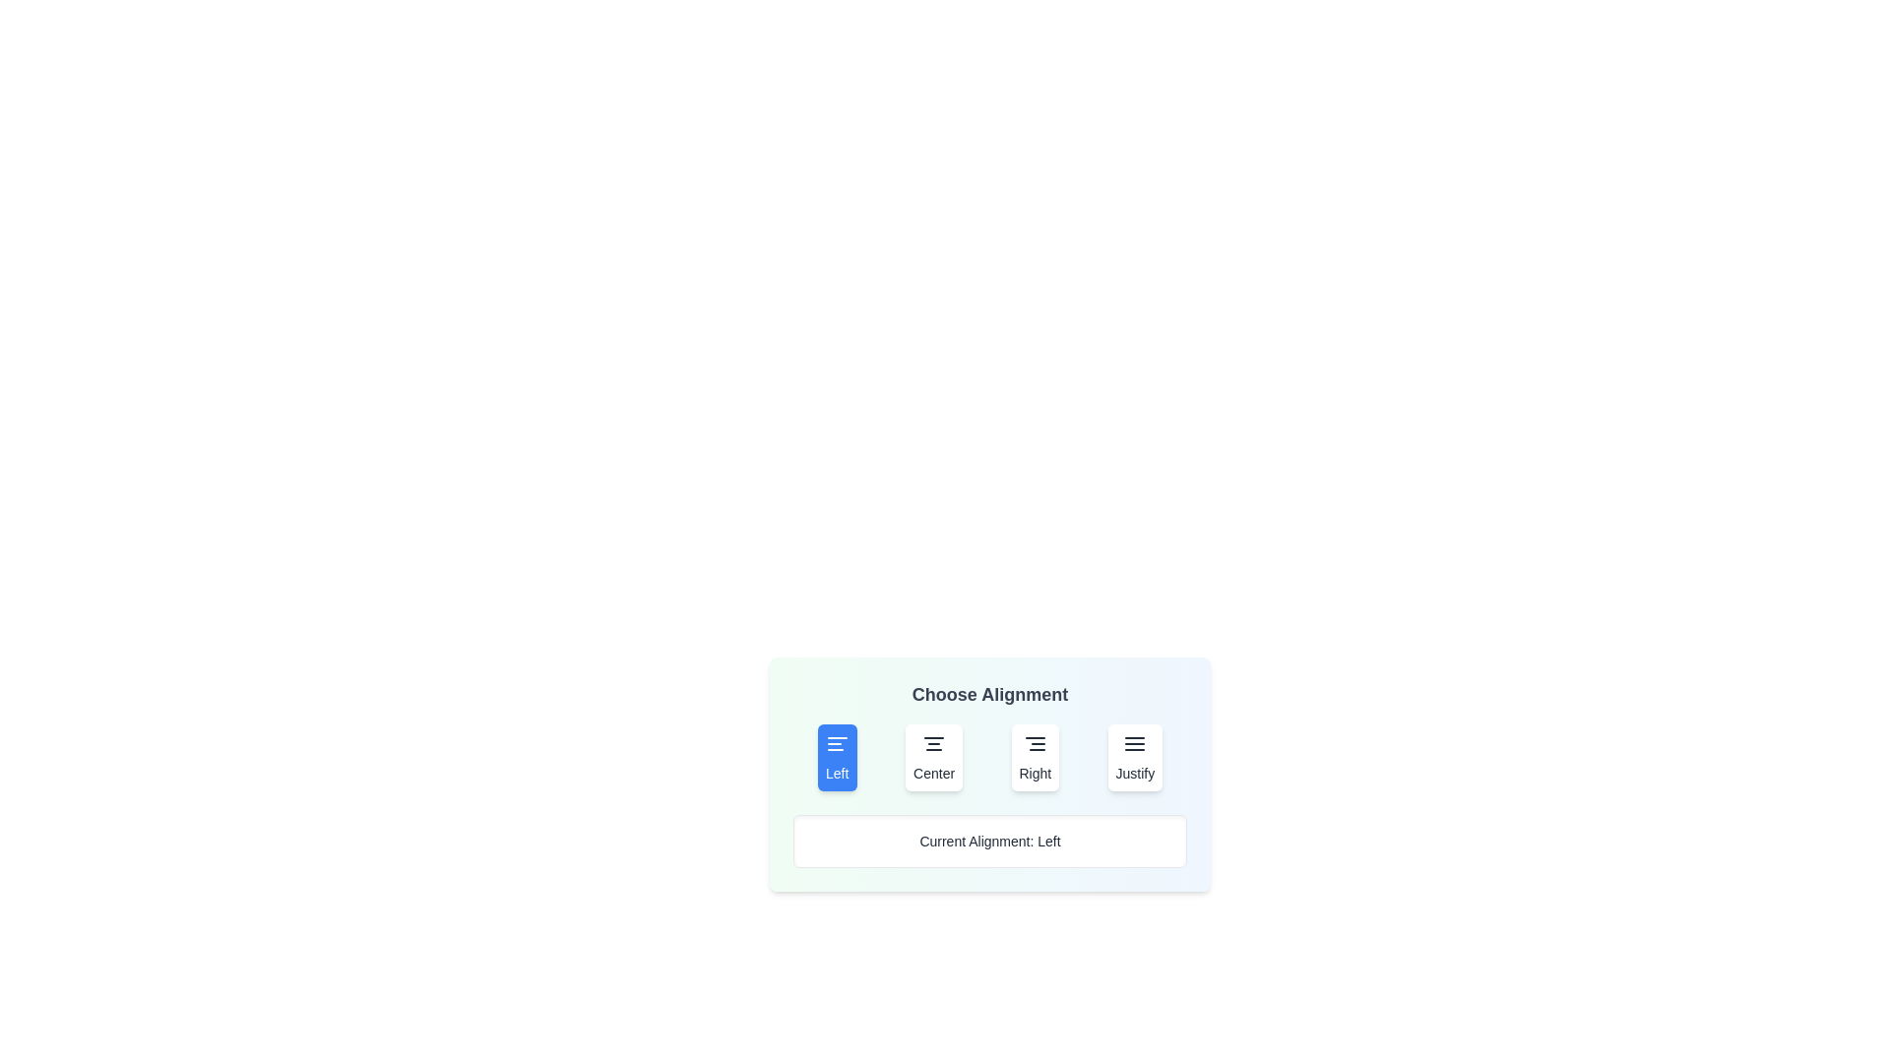 The width and height of the screenshot is (1890, 1063). I want to click on the 'Center' button to set alignment to 'Center', so click(933, 757).